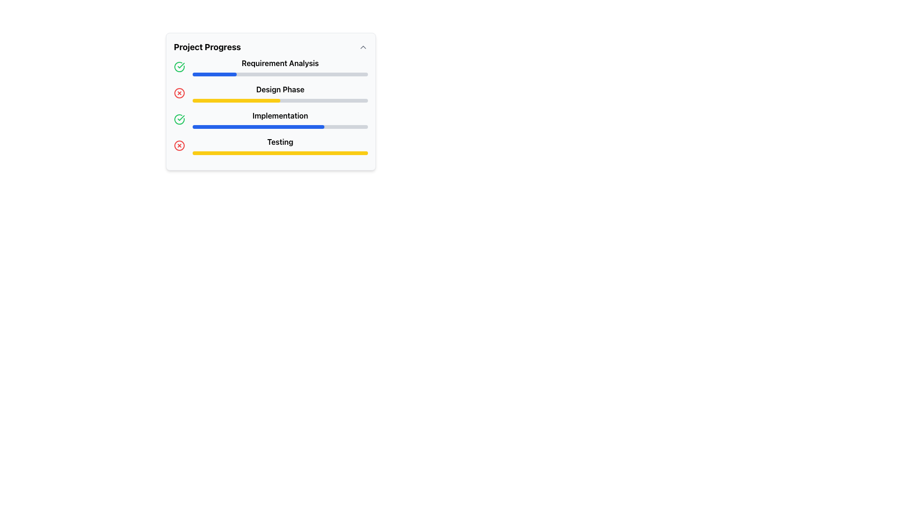 This screenshot has height=506, width=900. I want to click on the non-interactive 'error' status icon indicating the 'Design Phase' is in an error or not completed state, located next to the text 'Design Phase' in the progress tracker, so click(180, 93).